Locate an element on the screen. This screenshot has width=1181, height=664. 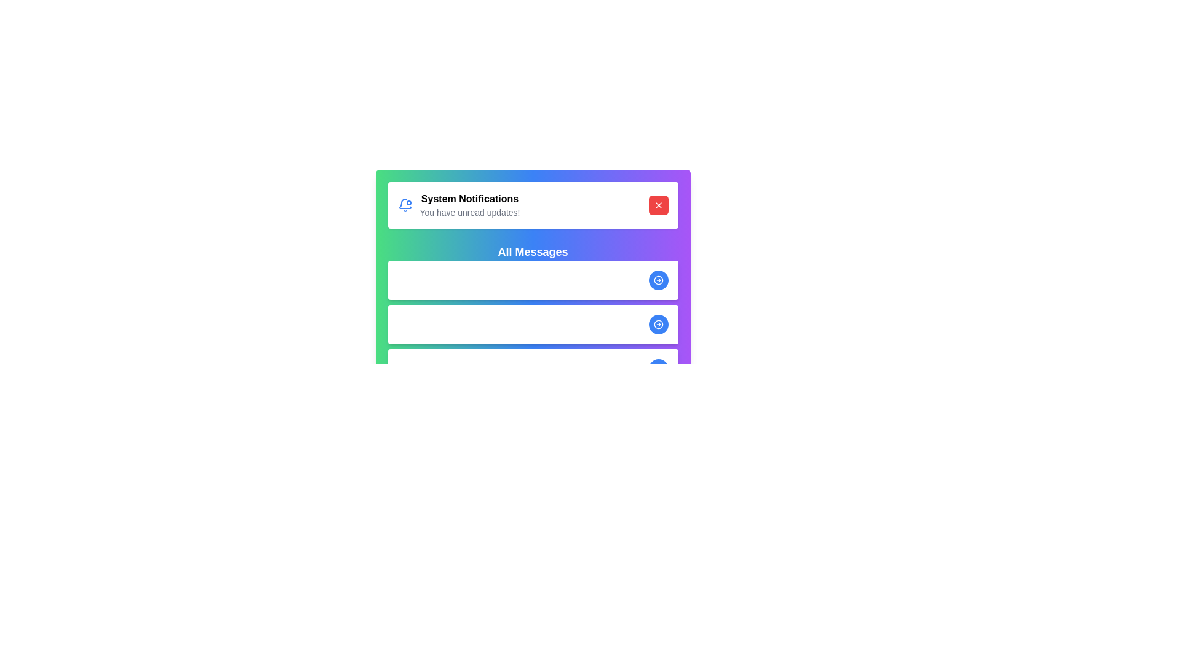
the close button to dismiss the notification is located at coordinates (658, 205).